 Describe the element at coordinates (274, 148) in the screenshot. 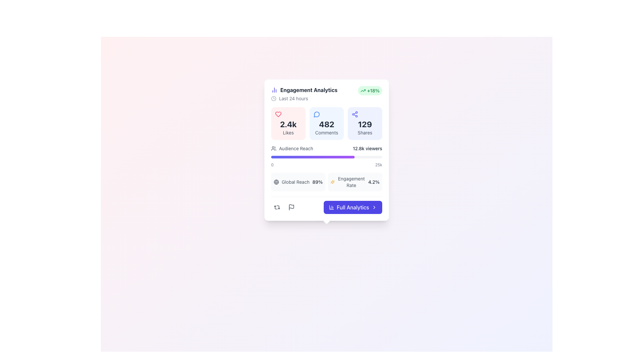

I see `the icon representing 'Audience Reach', located at the leftmost part of the section, adjacent to the text 'Audience Reach', a progress bar, and viewer indicators` at that location.